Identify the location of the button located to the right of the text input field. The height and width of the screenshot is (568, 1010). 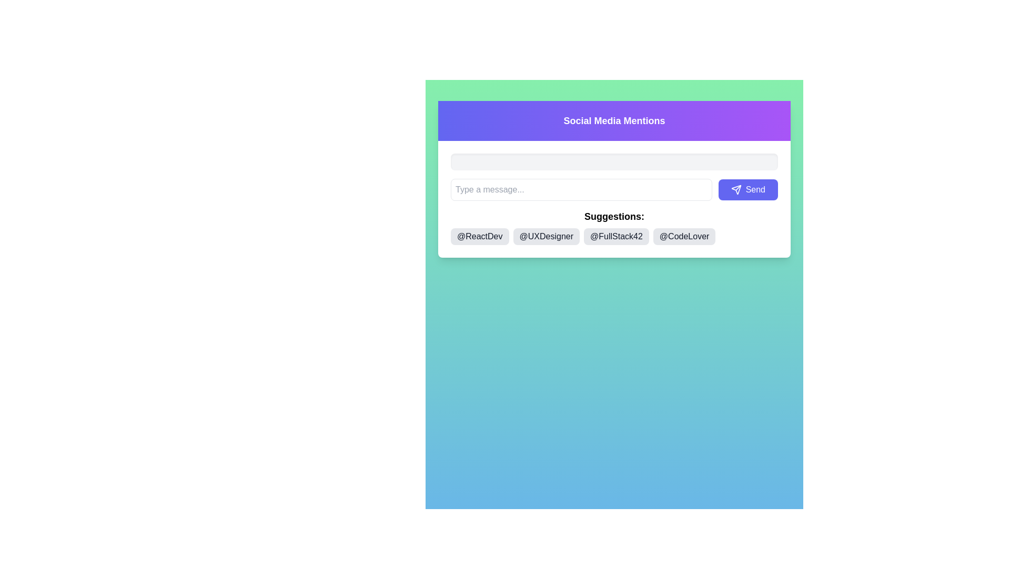
(748, 190).